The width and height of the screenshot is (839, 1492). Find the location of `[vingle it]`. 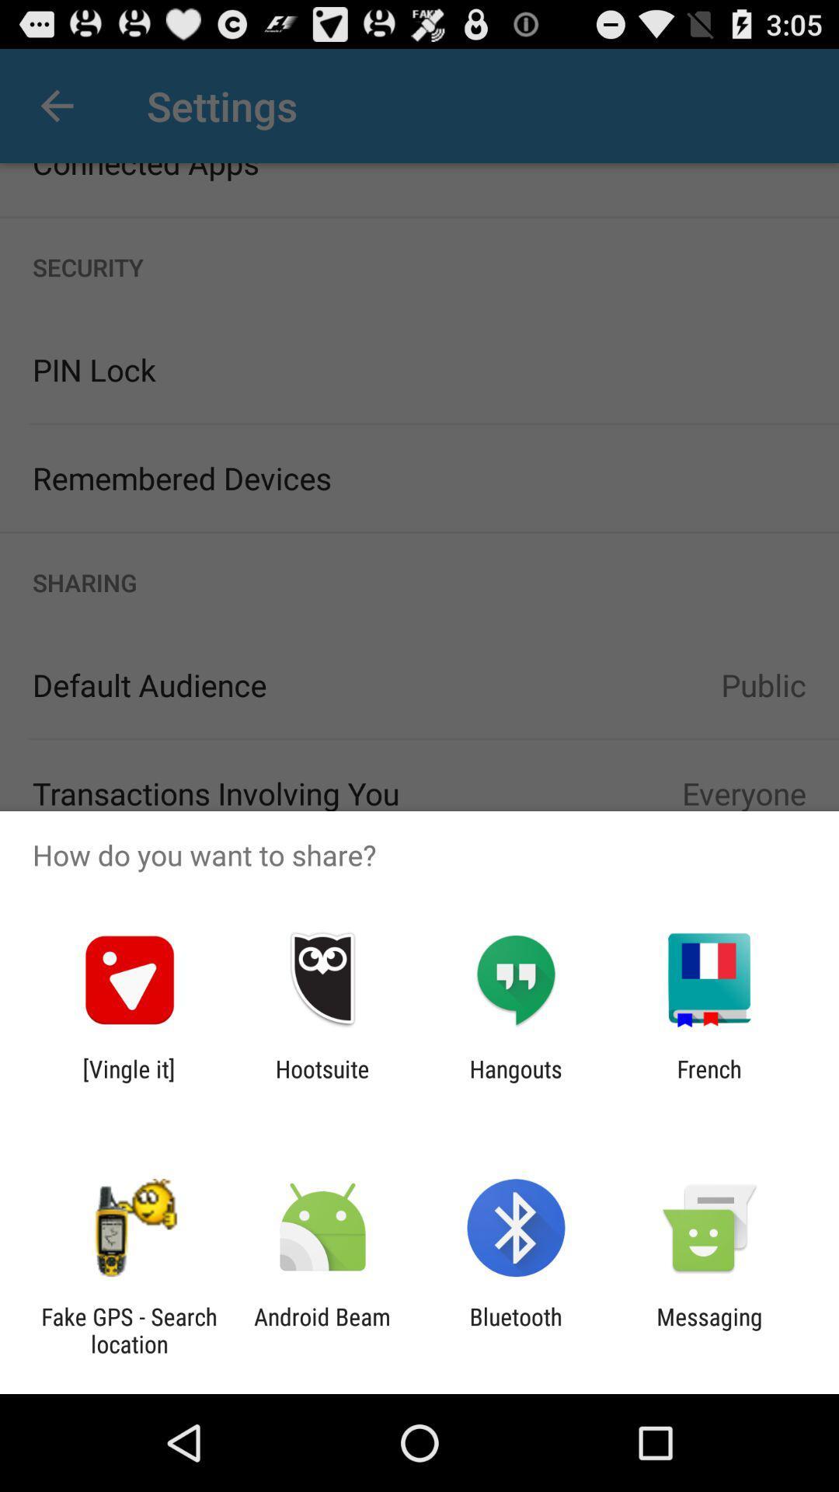

[vingle it] is located at coordinates (128, 1082).